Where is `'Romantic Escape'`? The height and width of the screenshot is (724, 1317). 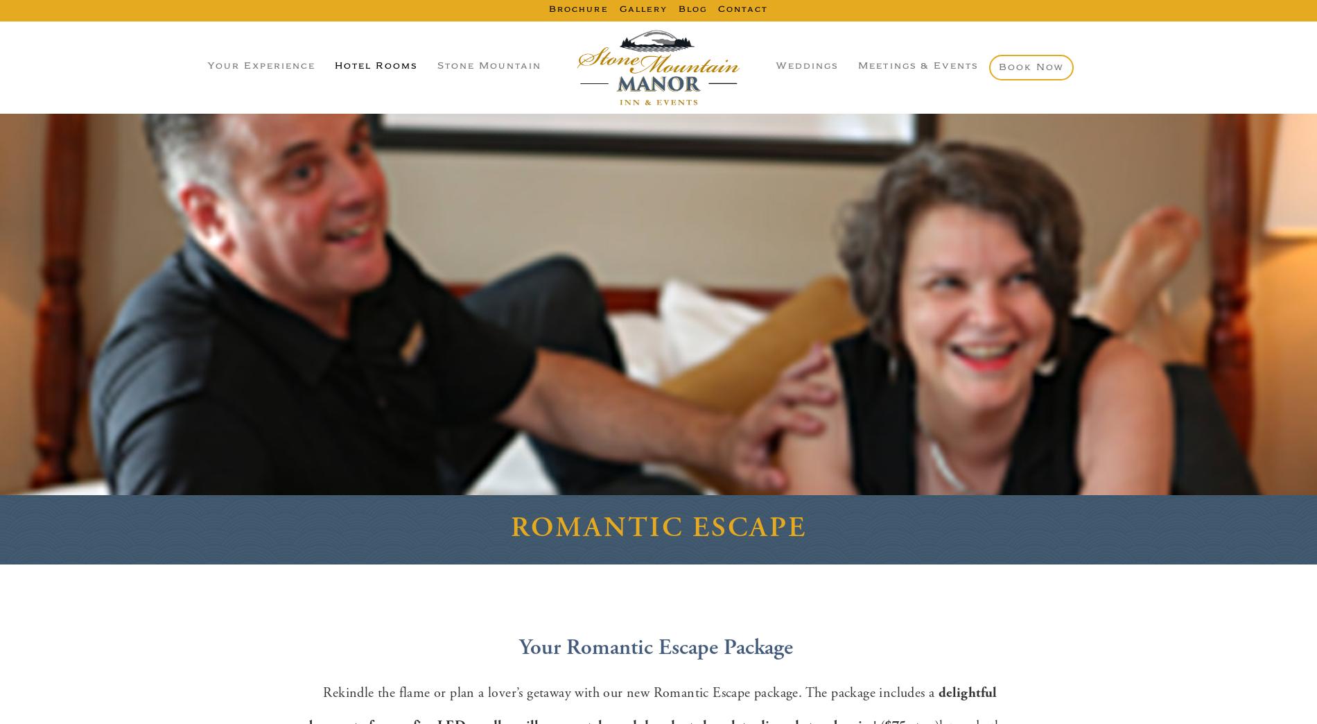 'Romantic Escape' is located at coordinates (657, 527).